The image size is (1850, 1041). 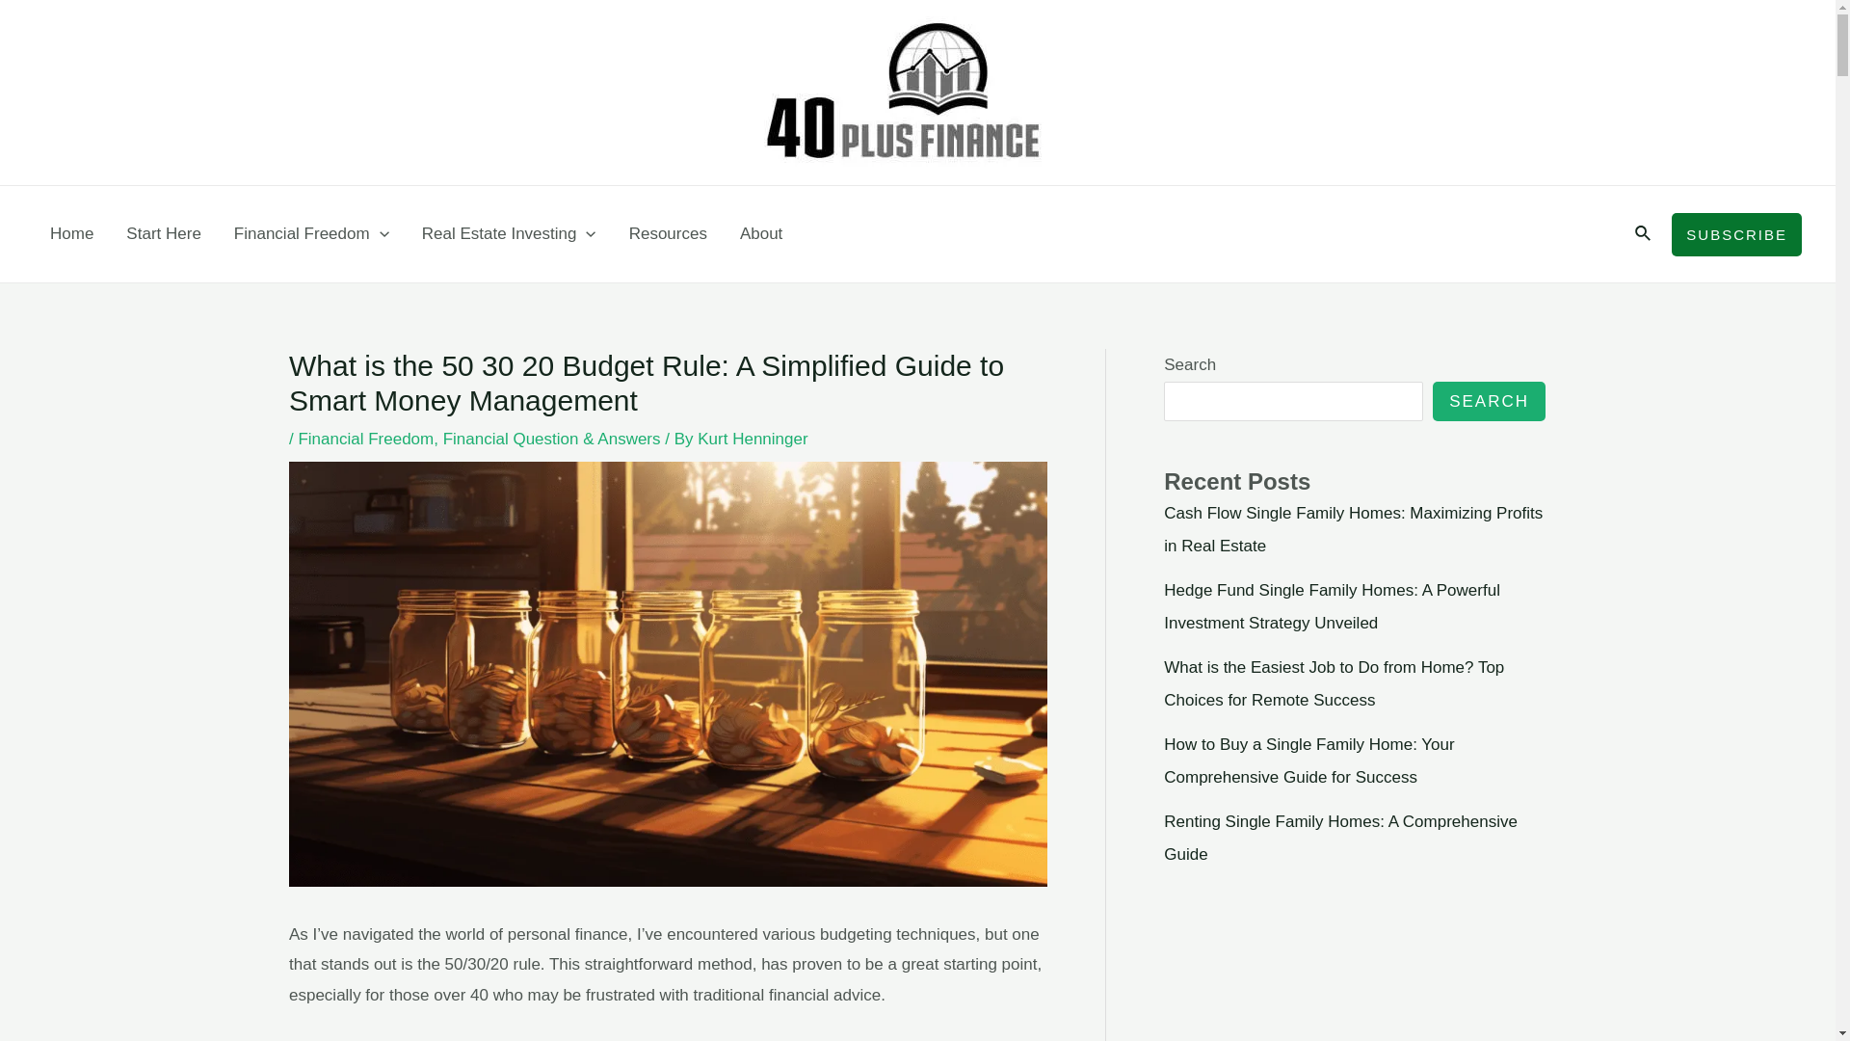 What do you see at coordinates (311, 233) in the screenshot?
I see `'Financial Freedom'` at bounding box center [311, 233].